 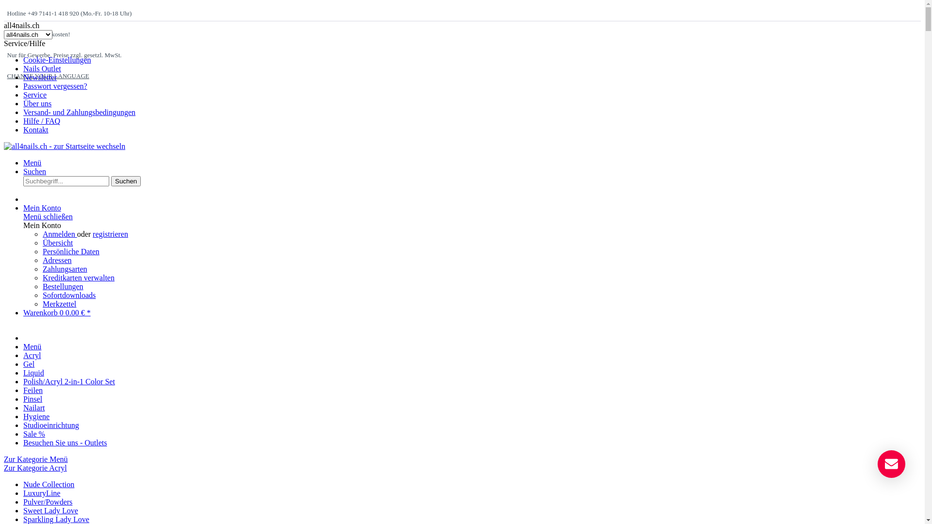 I want to click on 'LuxuryLine', so click(x=41, y=493).